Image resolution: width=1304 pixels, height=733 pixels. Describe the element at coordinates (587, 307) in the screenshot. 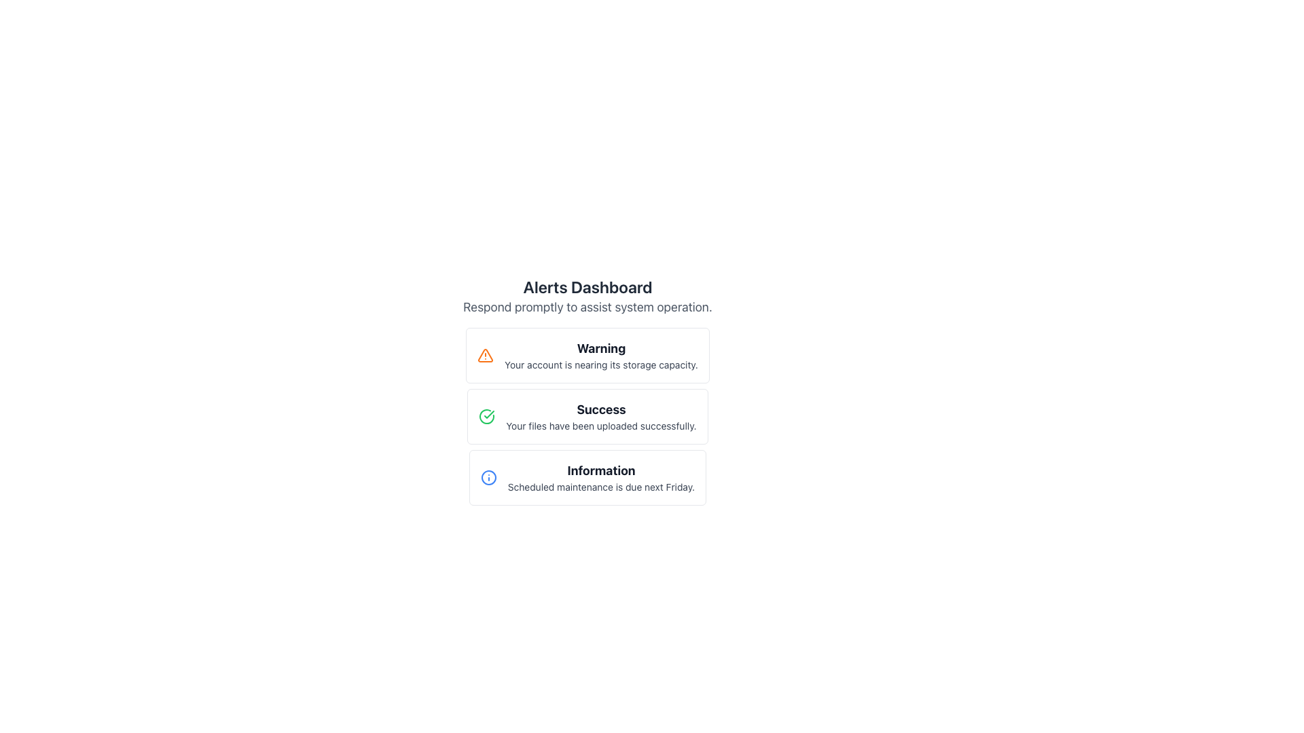

I see `the Static Text element that contains the phrase 'Respond promptly to assist system operation.' positioned below the 'Alerts Dashboard' heading` at that location.